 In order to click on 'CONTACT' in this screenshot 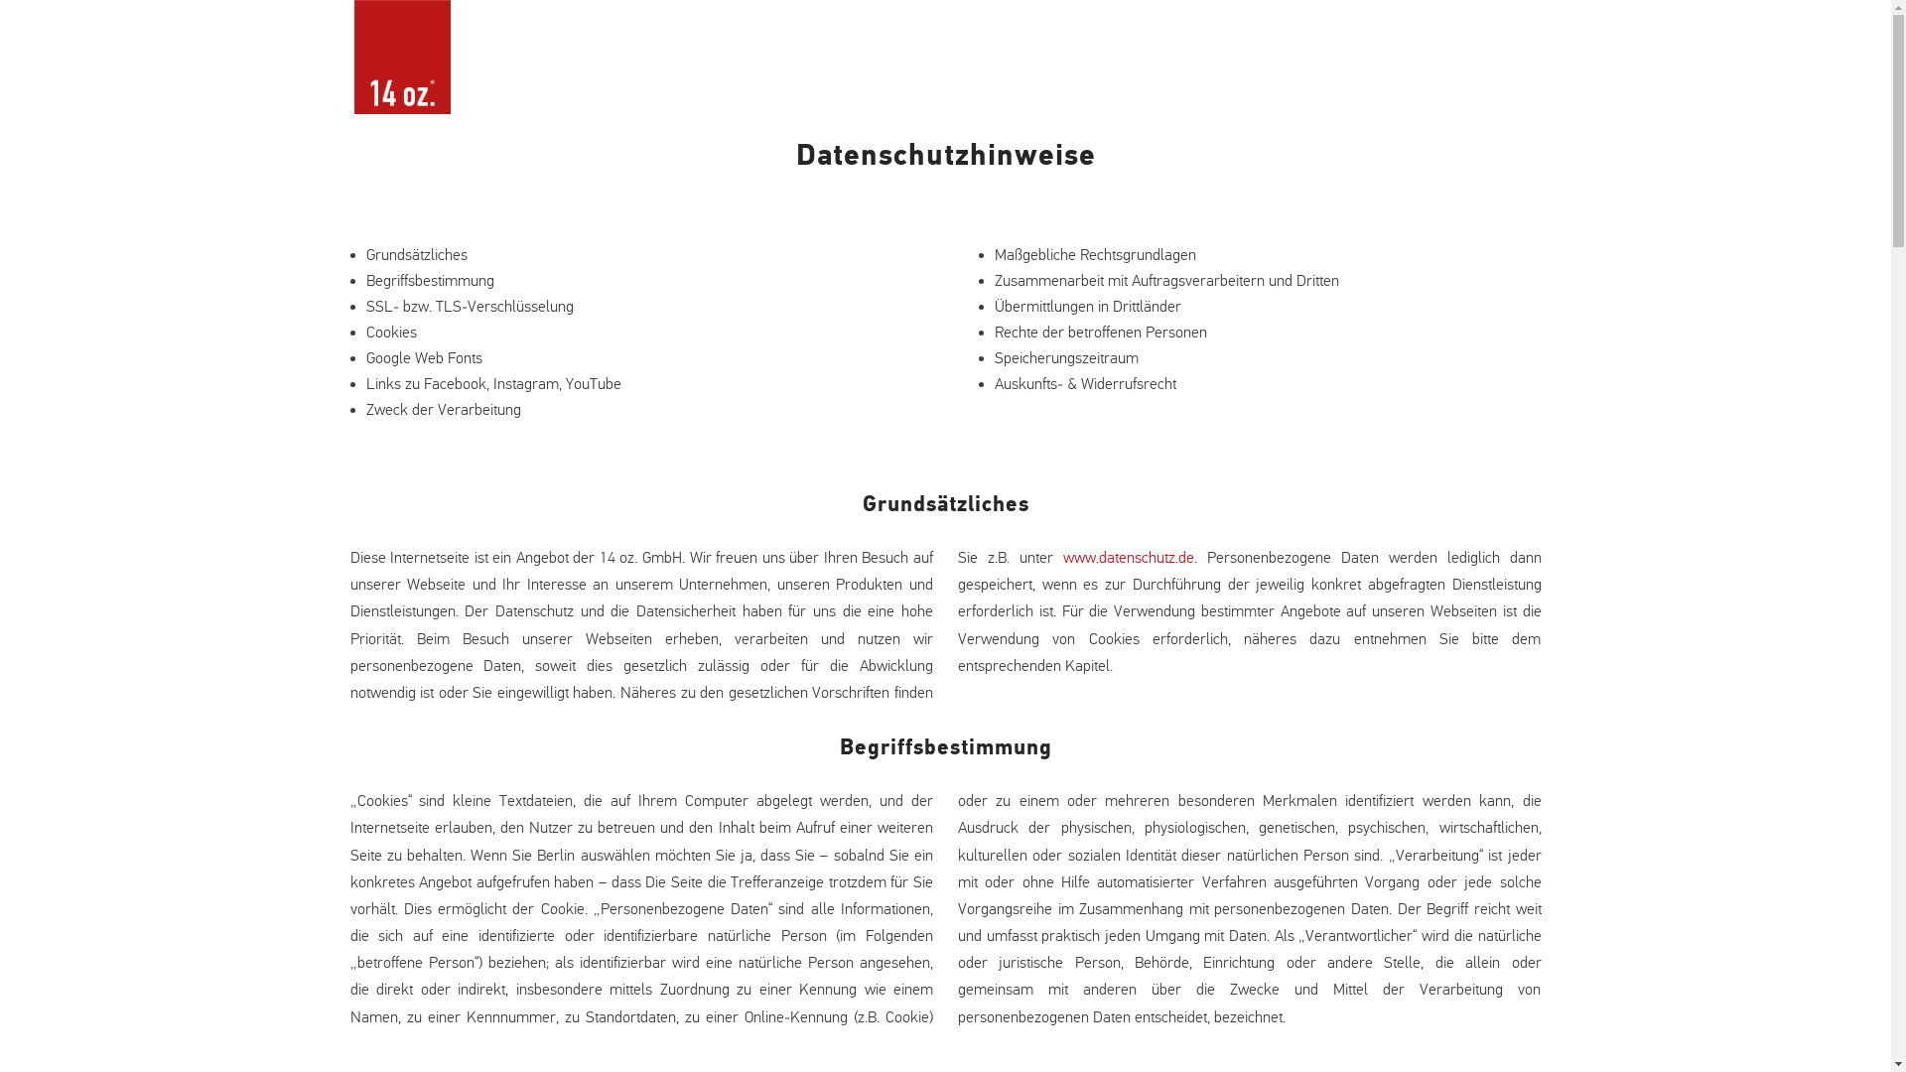, I will do `click(1454, 79)`.